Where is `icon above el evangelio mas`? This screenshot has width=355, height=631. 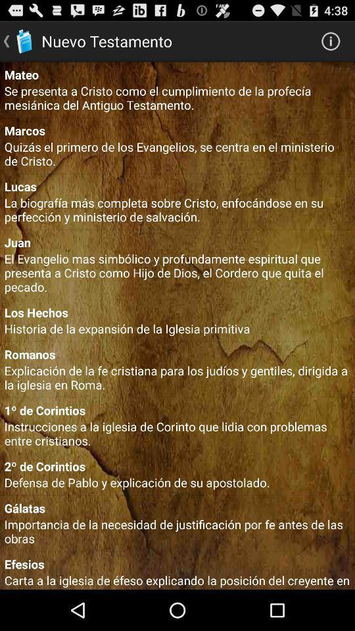
icon above el evangelio mas is located at coordinates (177, 242).